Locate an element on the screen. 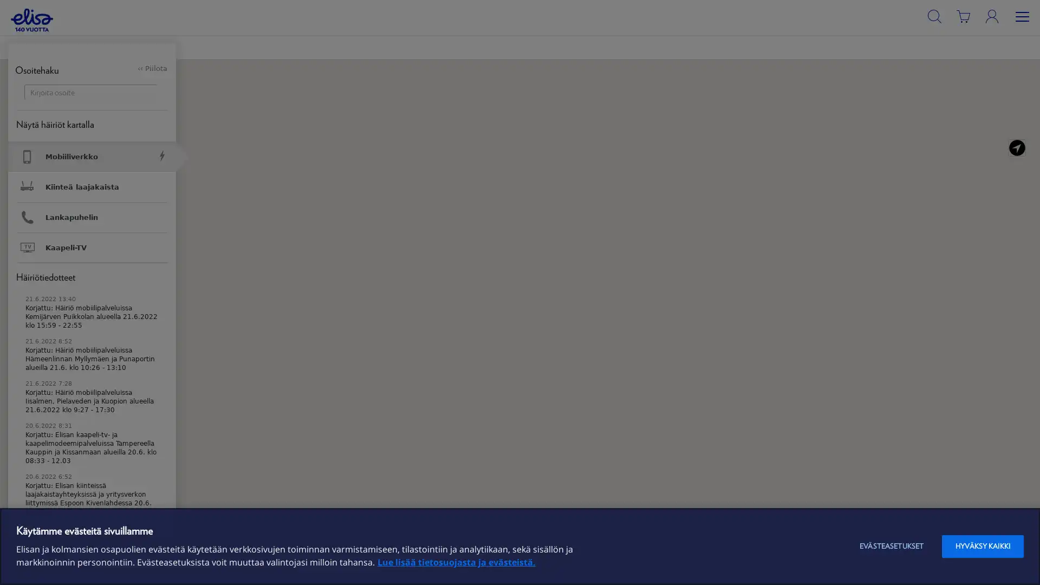 The image size is (1040, 585). EVASTEASETUKSET is located at coordinates (892, 547).